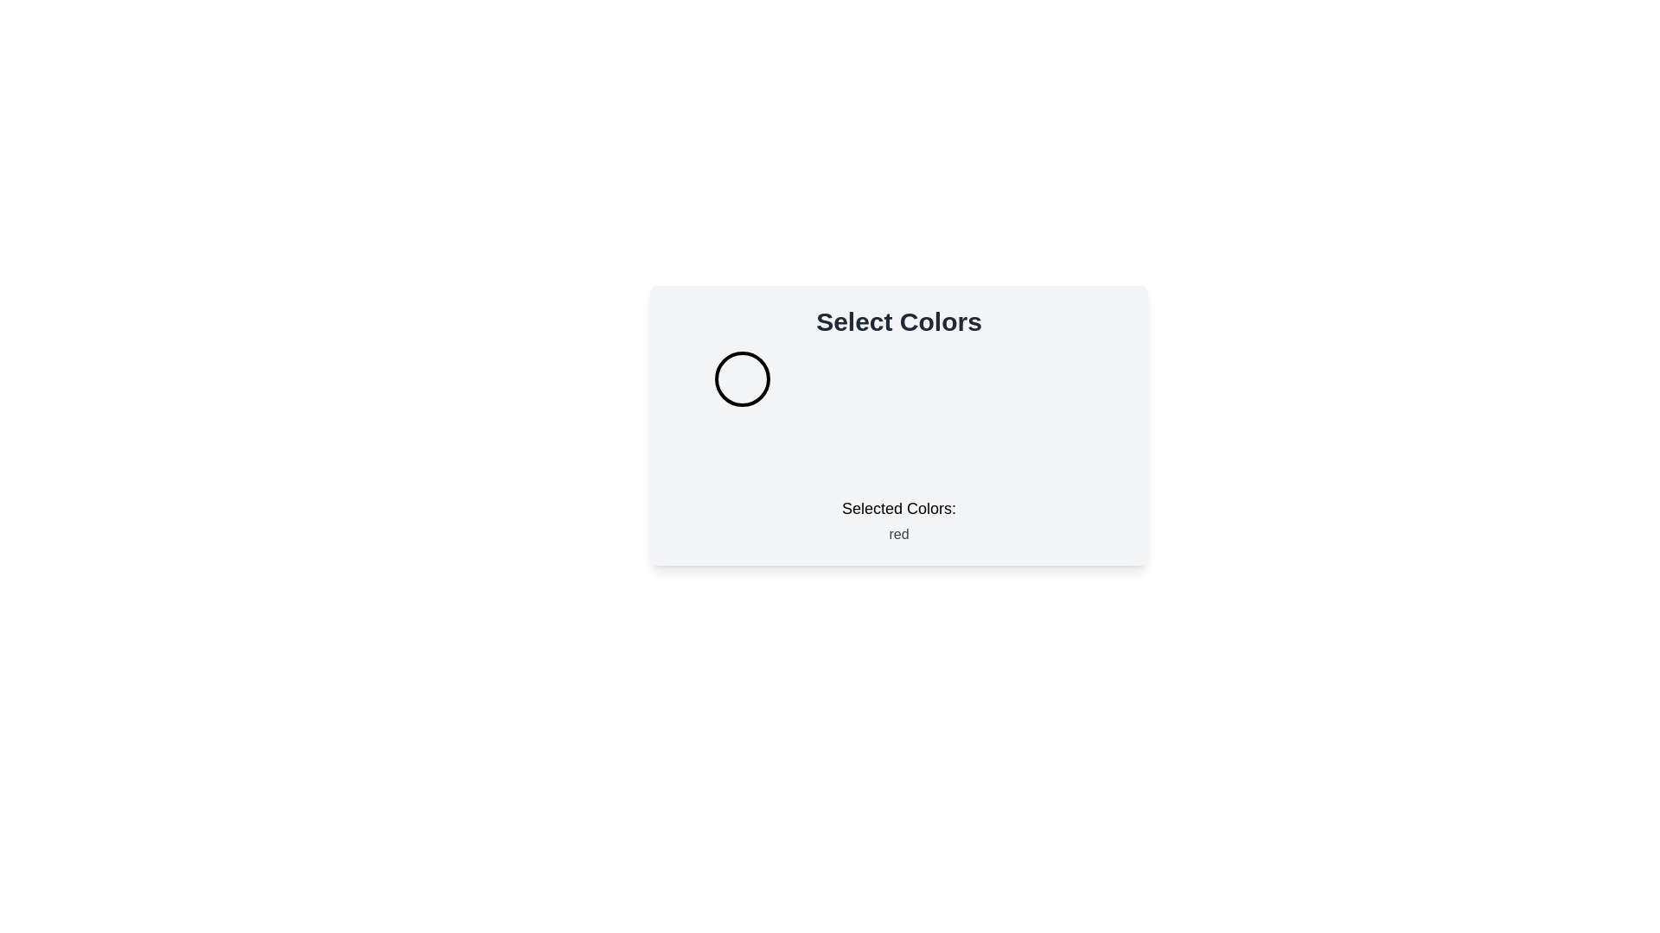  I want to click on the green circular graphical button located in the second column of the top row of the grid, so click(899, 378).